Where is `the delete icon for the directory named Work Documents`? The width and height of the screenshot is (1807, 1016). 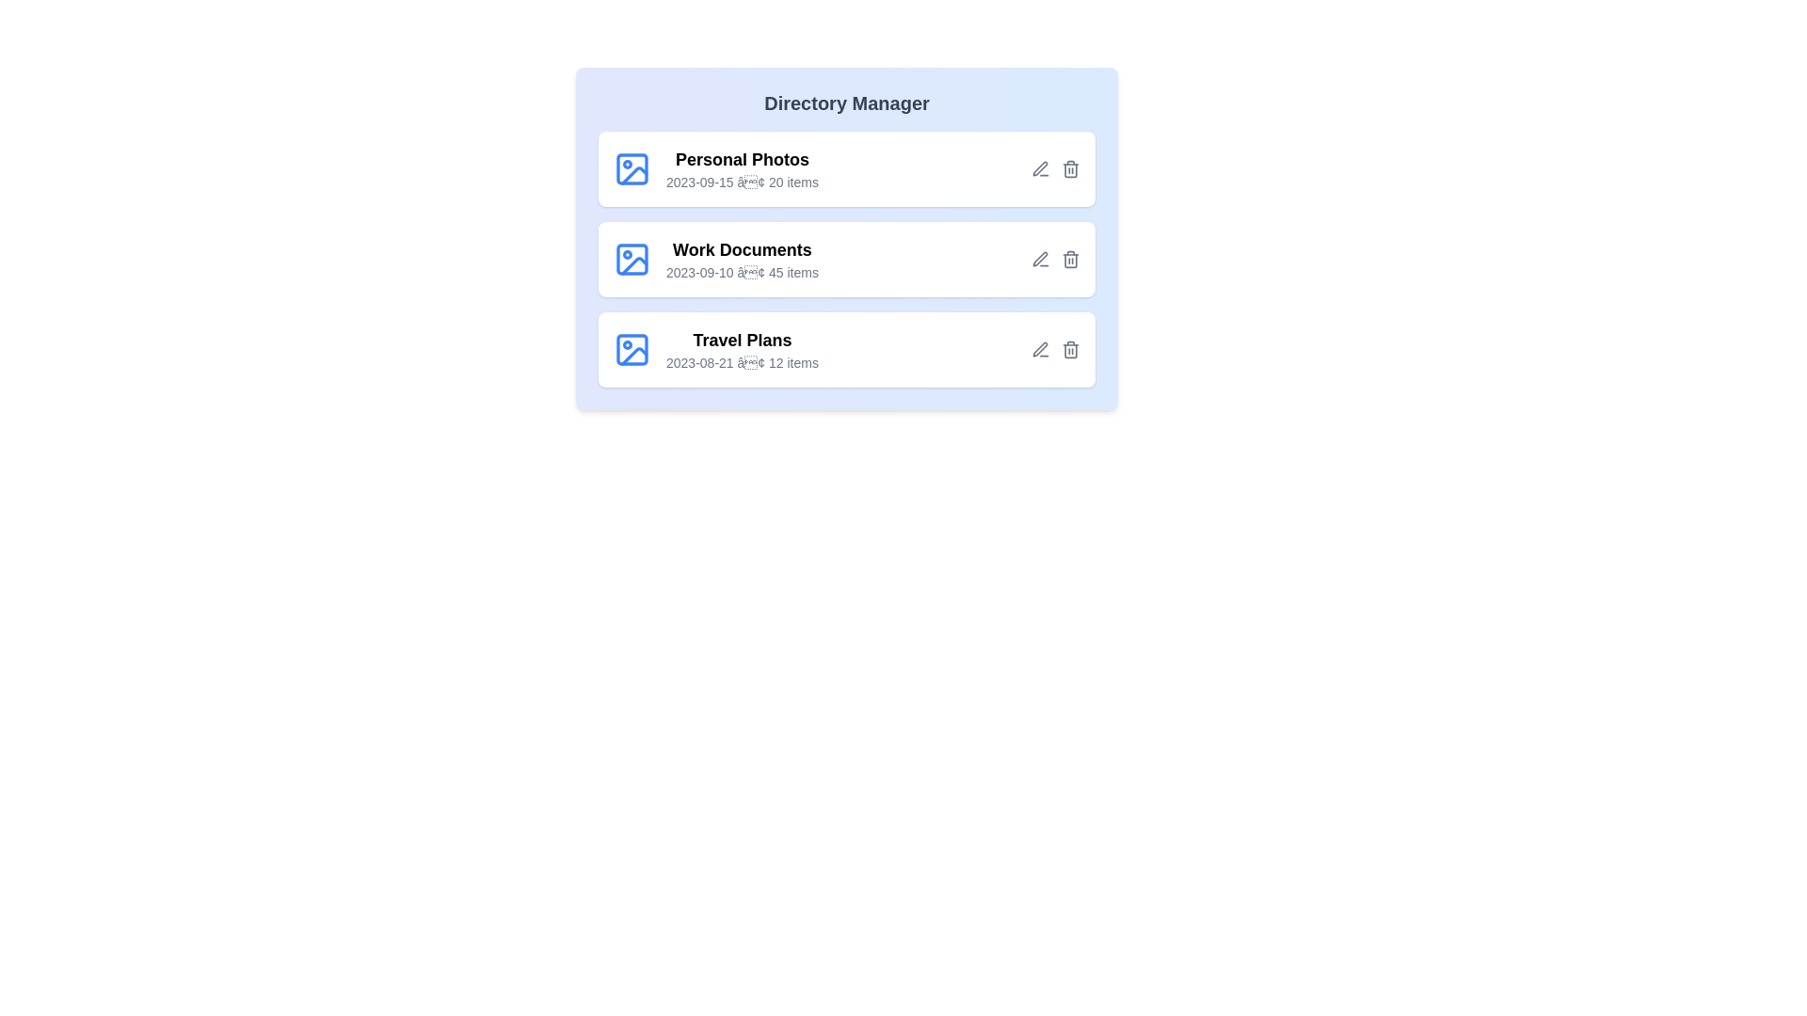 the delete icon for the directory named Work Documents is located at coordinates (1070, 260).